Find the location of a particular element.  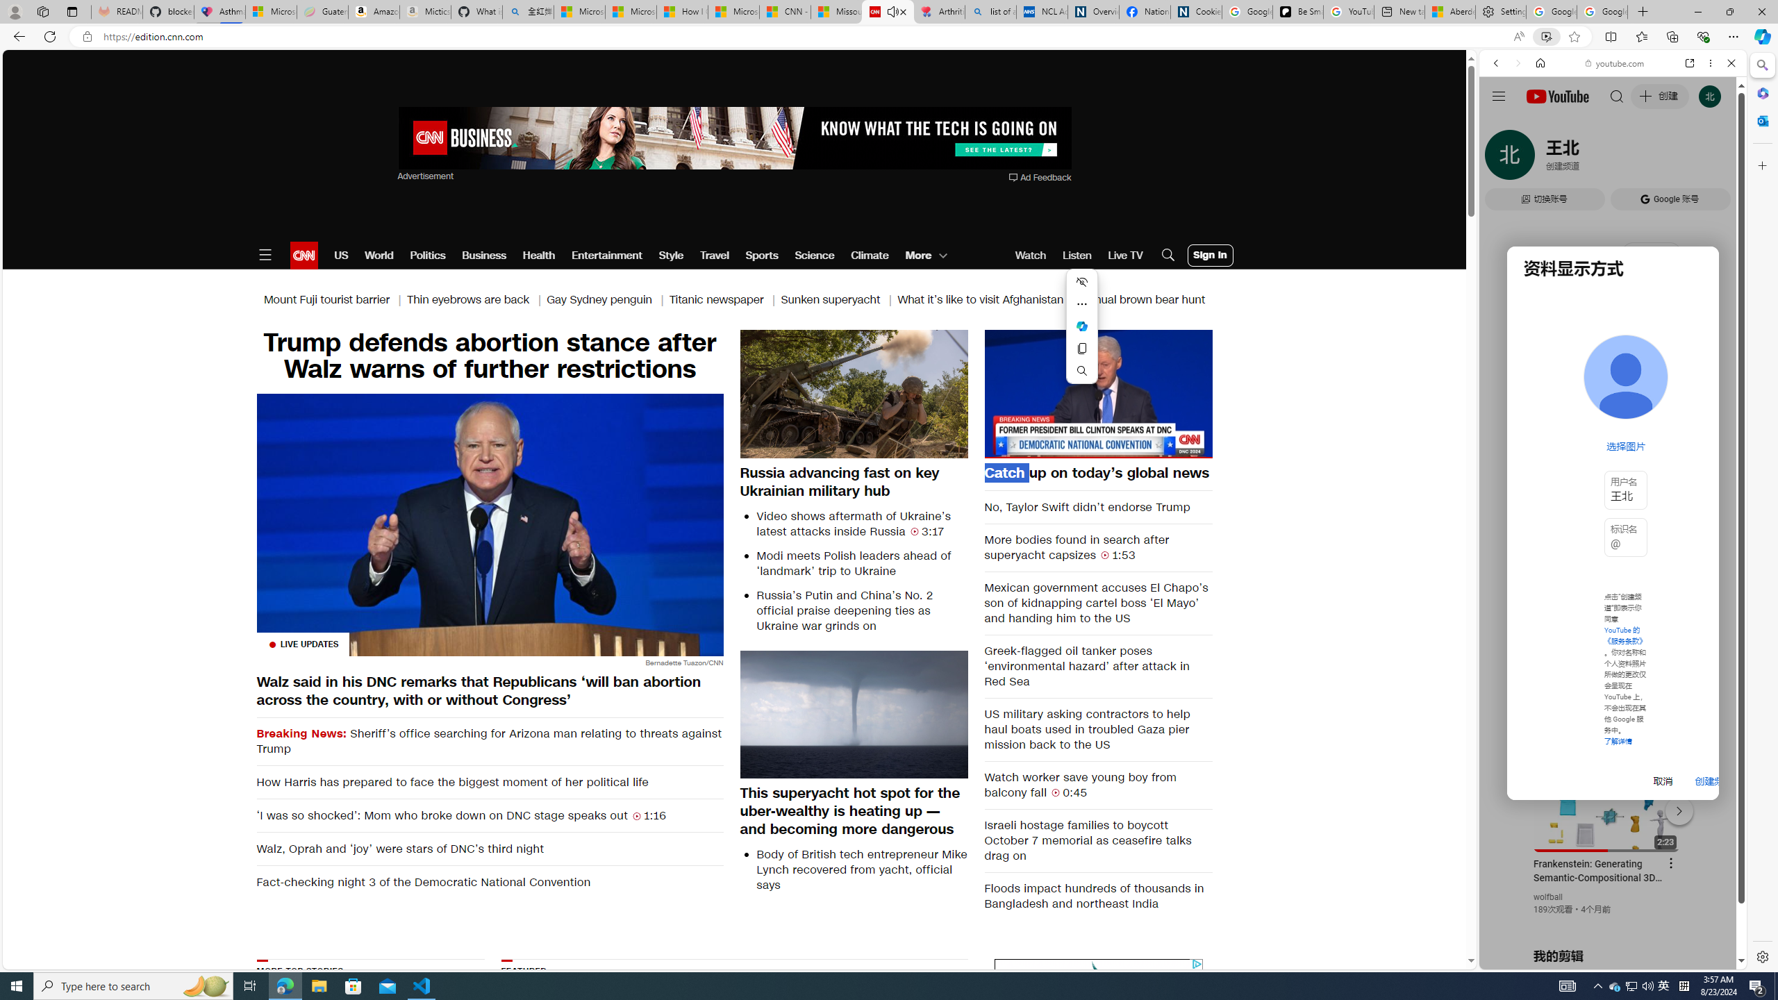

'AutomationID: aw0' is located at coordinates (733, 138).